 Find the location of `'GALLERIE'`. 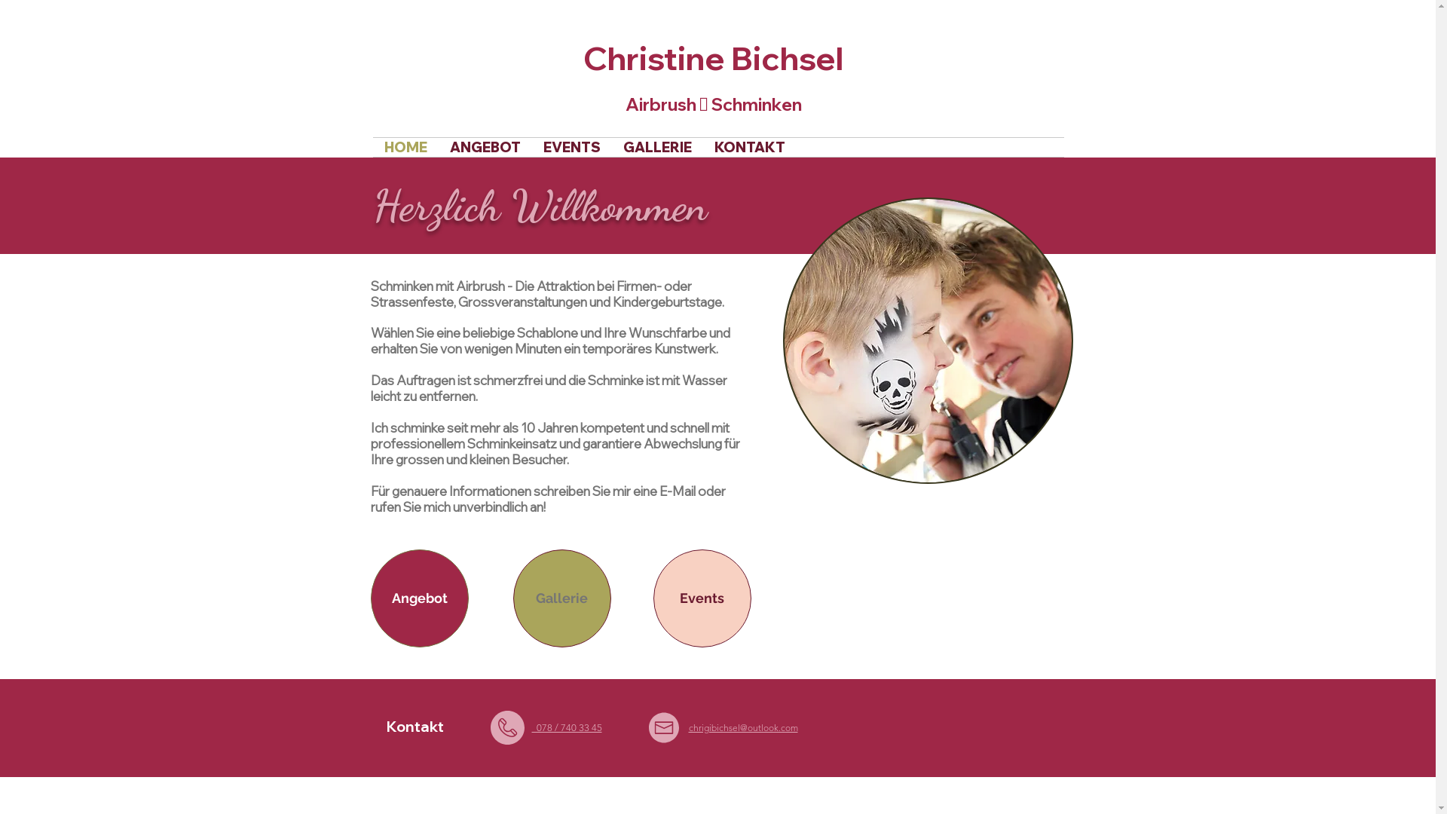

'GALLERIE' is located at coordinates (657, 147).